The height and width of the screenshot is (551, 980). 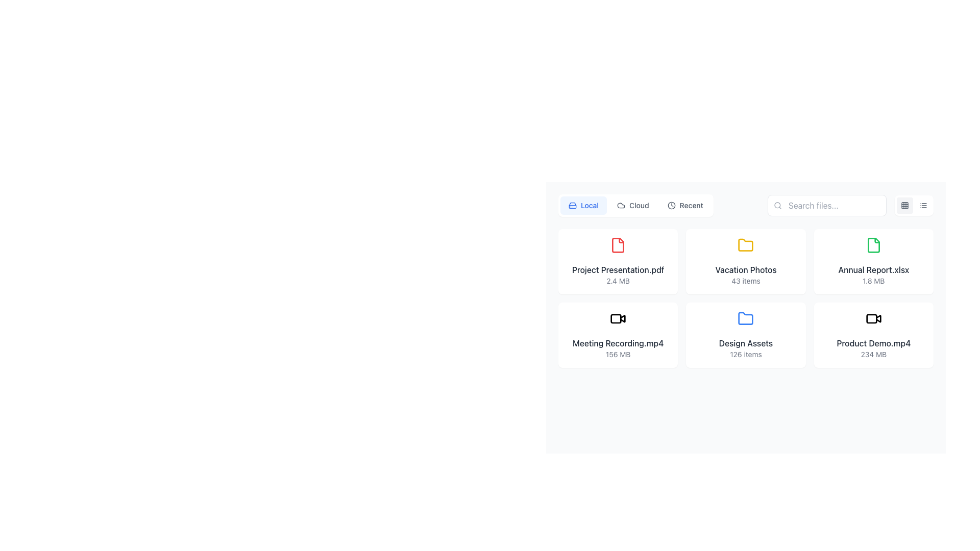 I want to click on the static text label displaying 'Meeting Recording.mp4', which is located in the second row and first column of a grid layout, above the file size text and below the video thumbnail, so click(x=618, y=343).